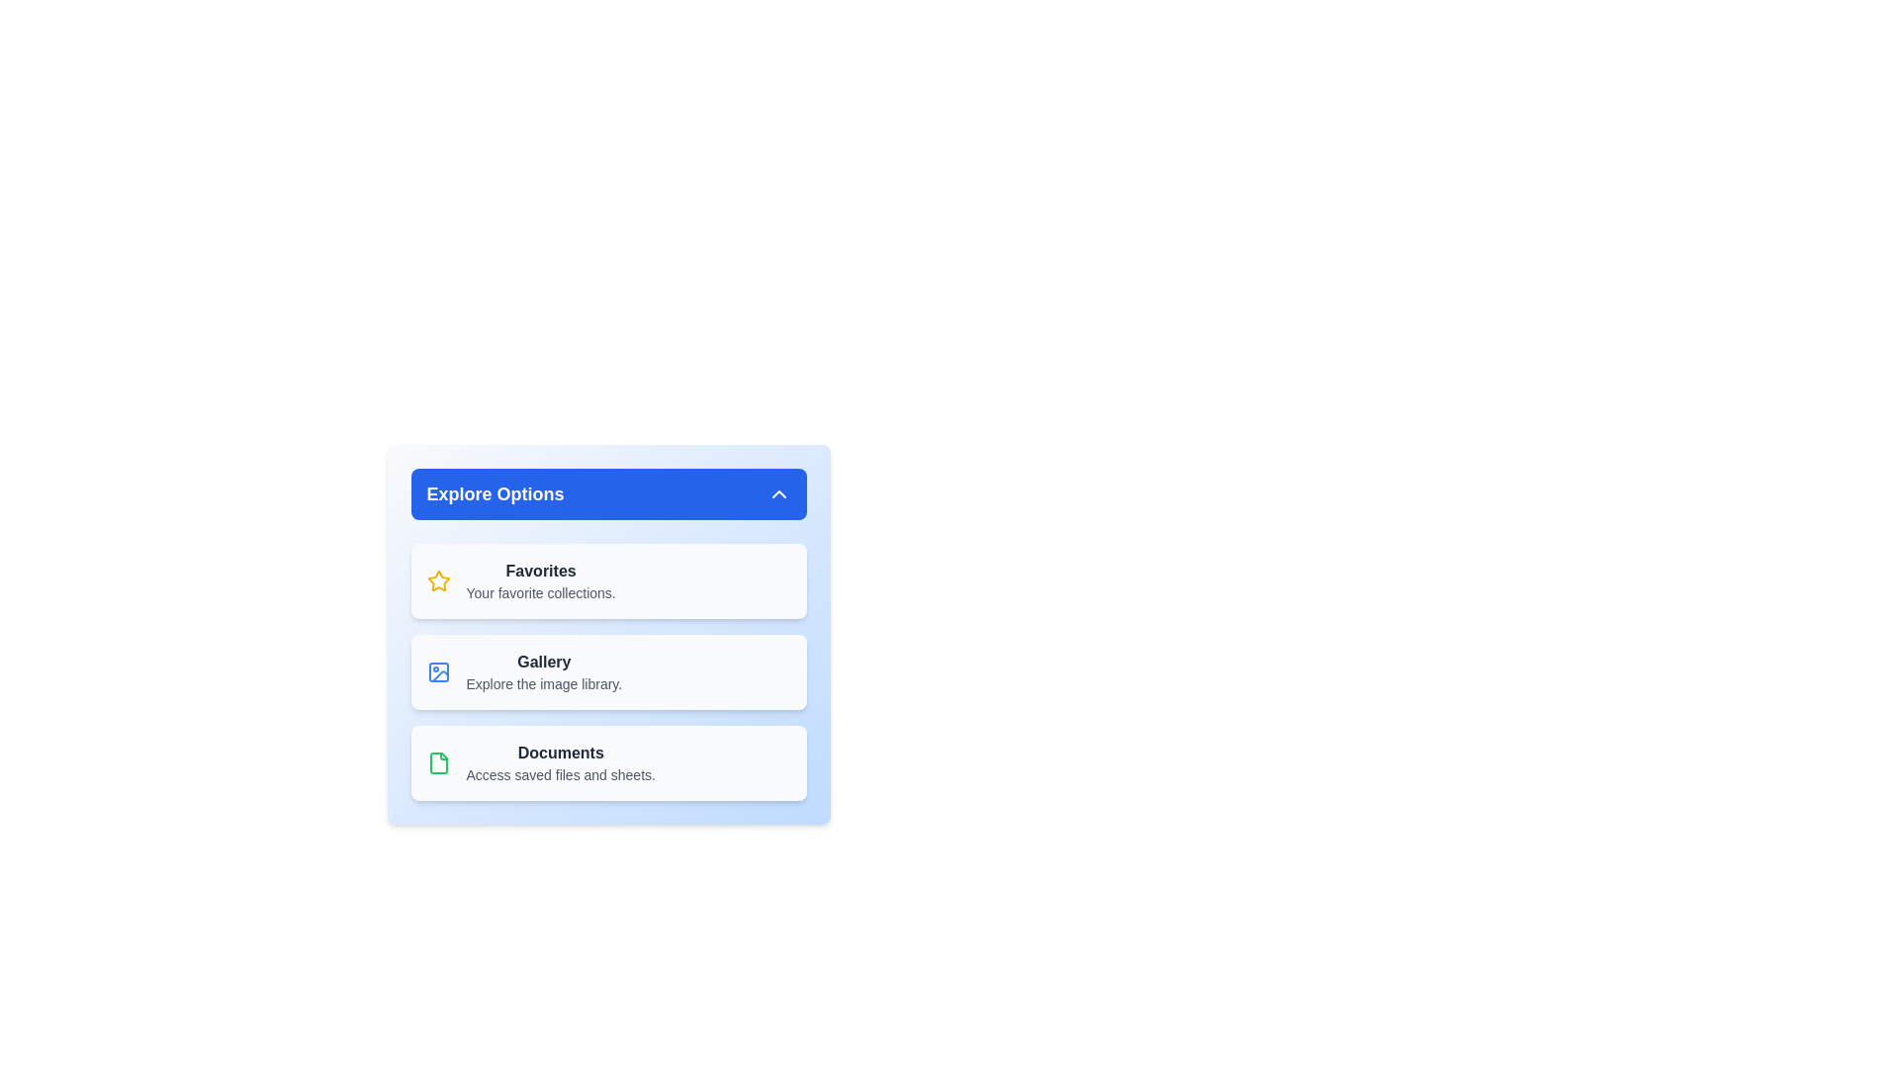 The height and width of the screenshot is (1068, 1899). I want to click on the descriptive text block located in the second row of the 'Favorites' card, which provides context for the section, so click(541, 592).